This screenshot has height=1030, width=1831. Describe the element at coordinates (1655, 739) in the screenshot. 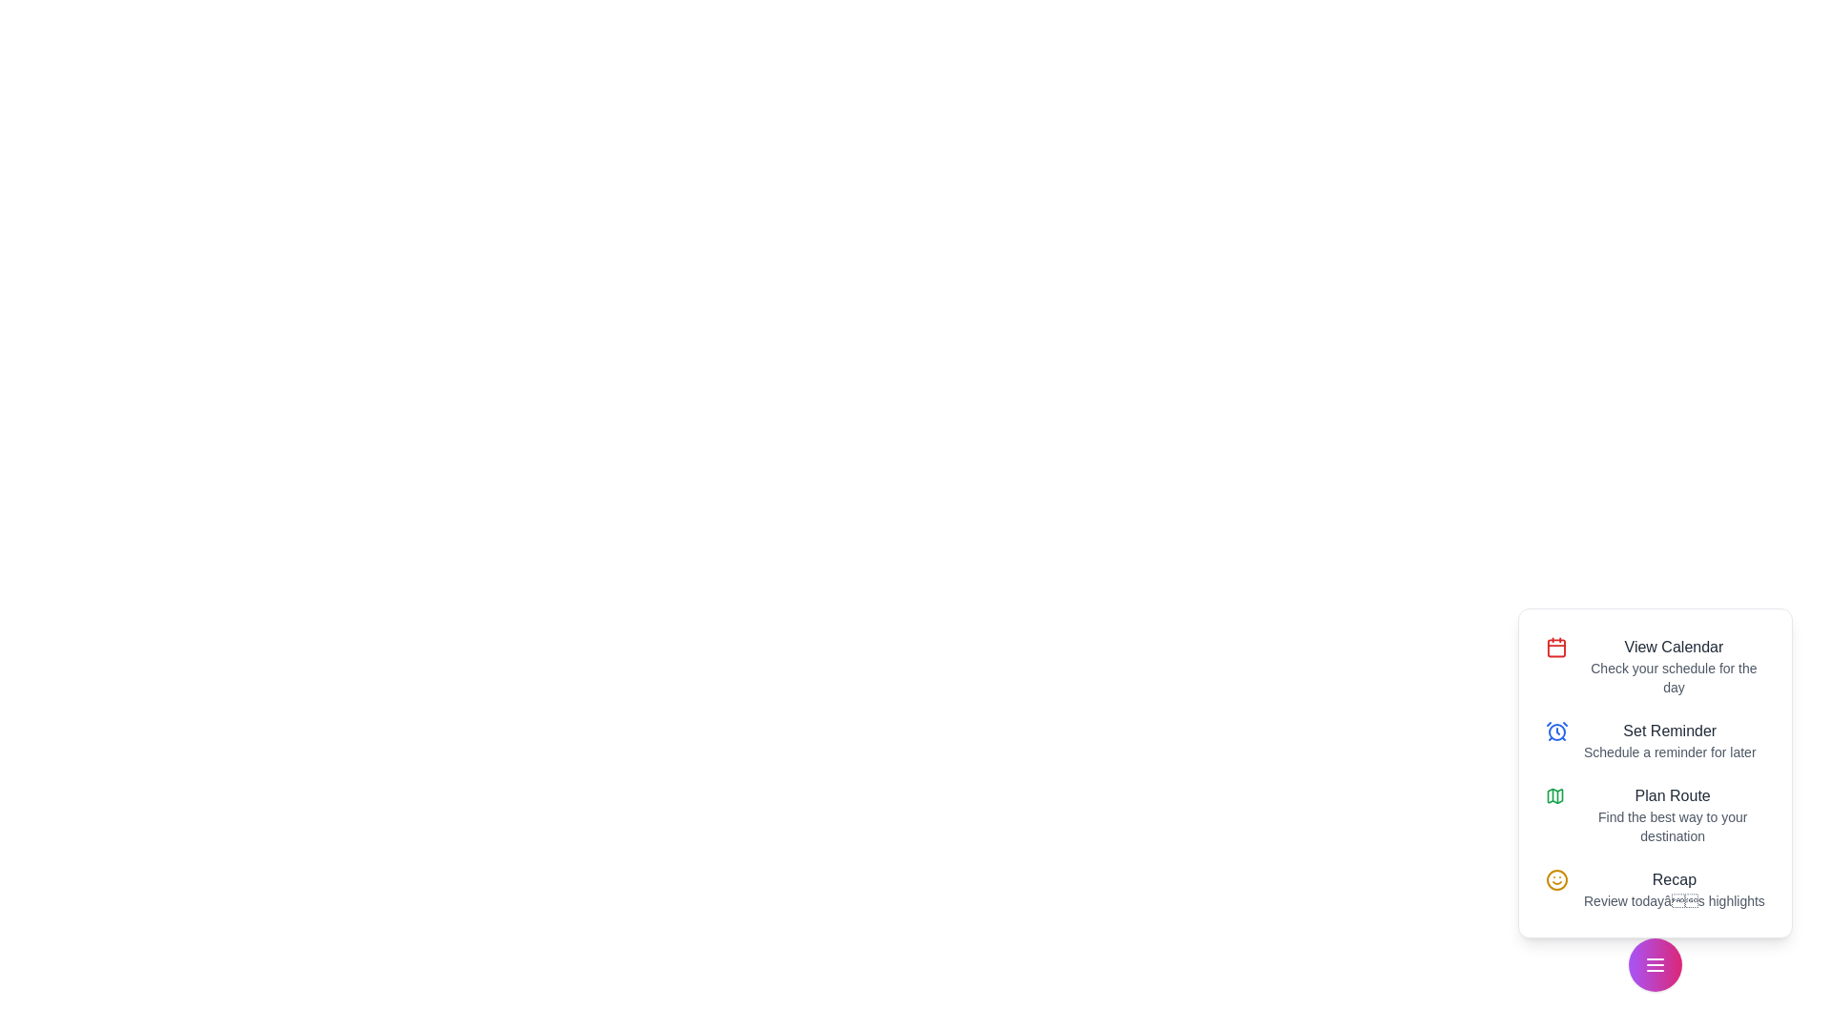

I see `the action Set Reminder from the list` at that location.